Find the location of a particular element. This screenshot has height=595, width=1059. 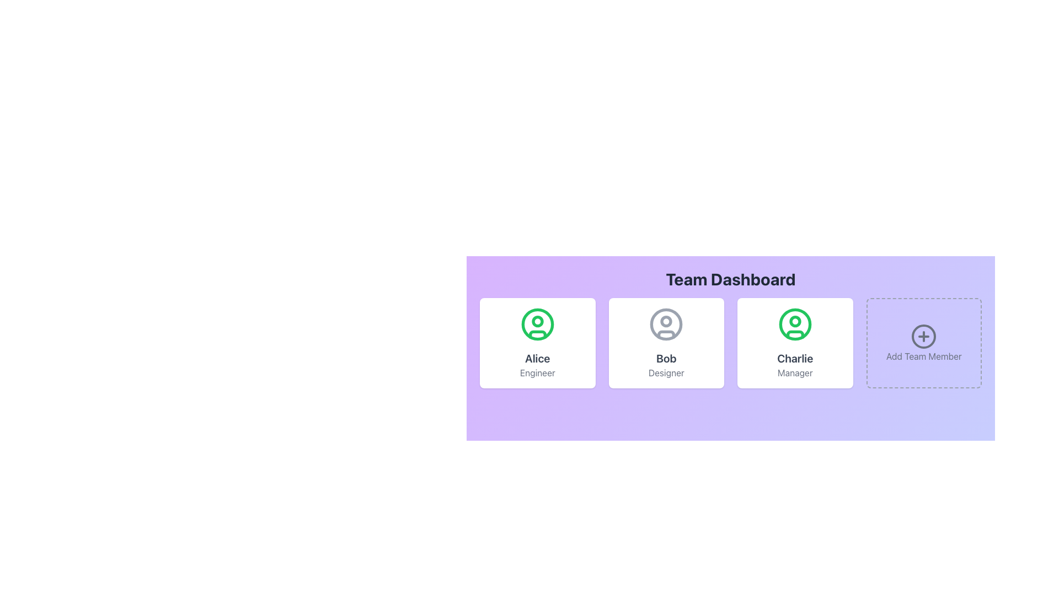

the button in the fourth position of the team members grid is located at coordinates (924, 343).